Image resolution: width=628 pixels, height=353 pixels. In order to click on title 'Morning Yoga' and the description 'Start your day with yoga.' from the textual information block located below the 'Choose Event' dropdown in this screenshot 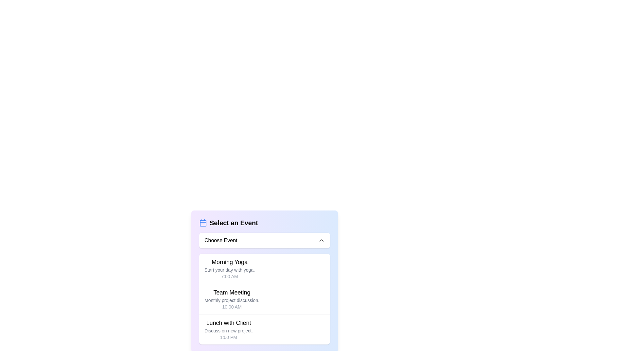, I will do `click(229, 268)`.